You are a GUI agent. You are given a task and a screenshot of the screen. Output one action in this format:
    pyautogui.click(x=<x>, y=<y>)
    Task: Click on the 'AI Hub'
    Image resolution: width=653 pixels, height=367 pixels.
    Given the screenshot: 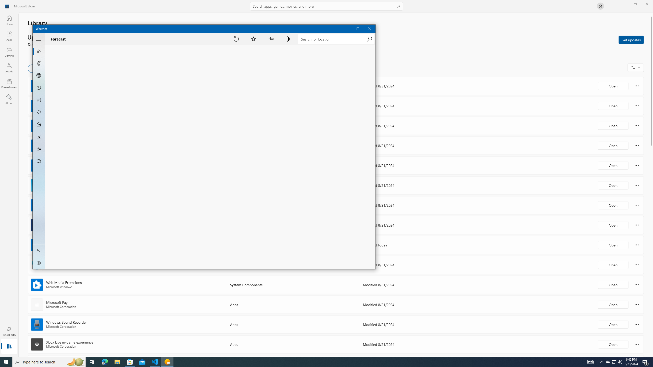 What is the action you would take?
    pyautogui.click(x=9, y=99)
    